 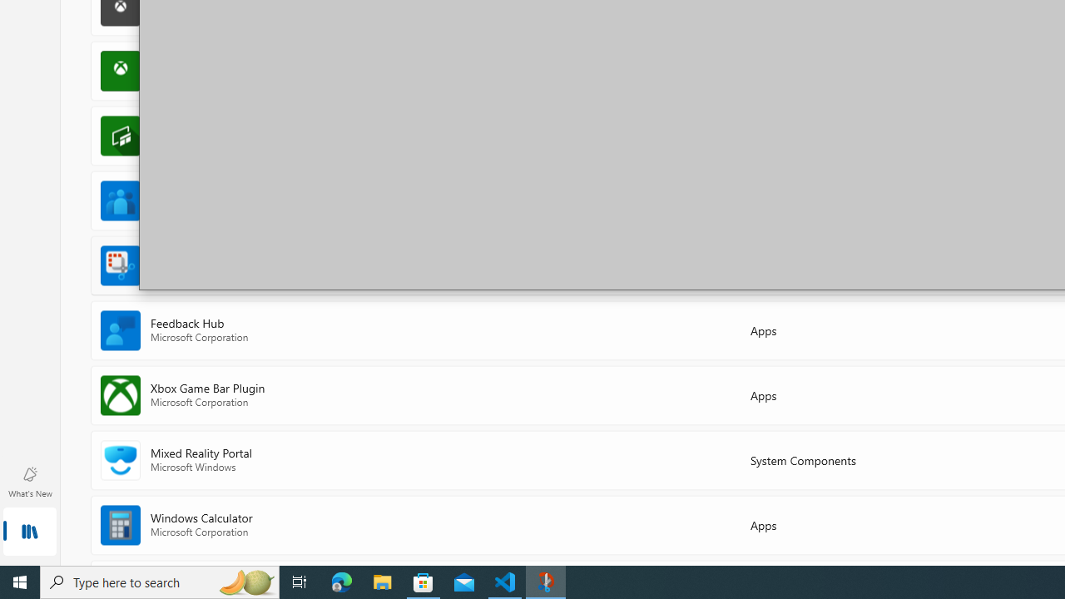 I want to click on 'File Explorer', so click(x=382, y=581).